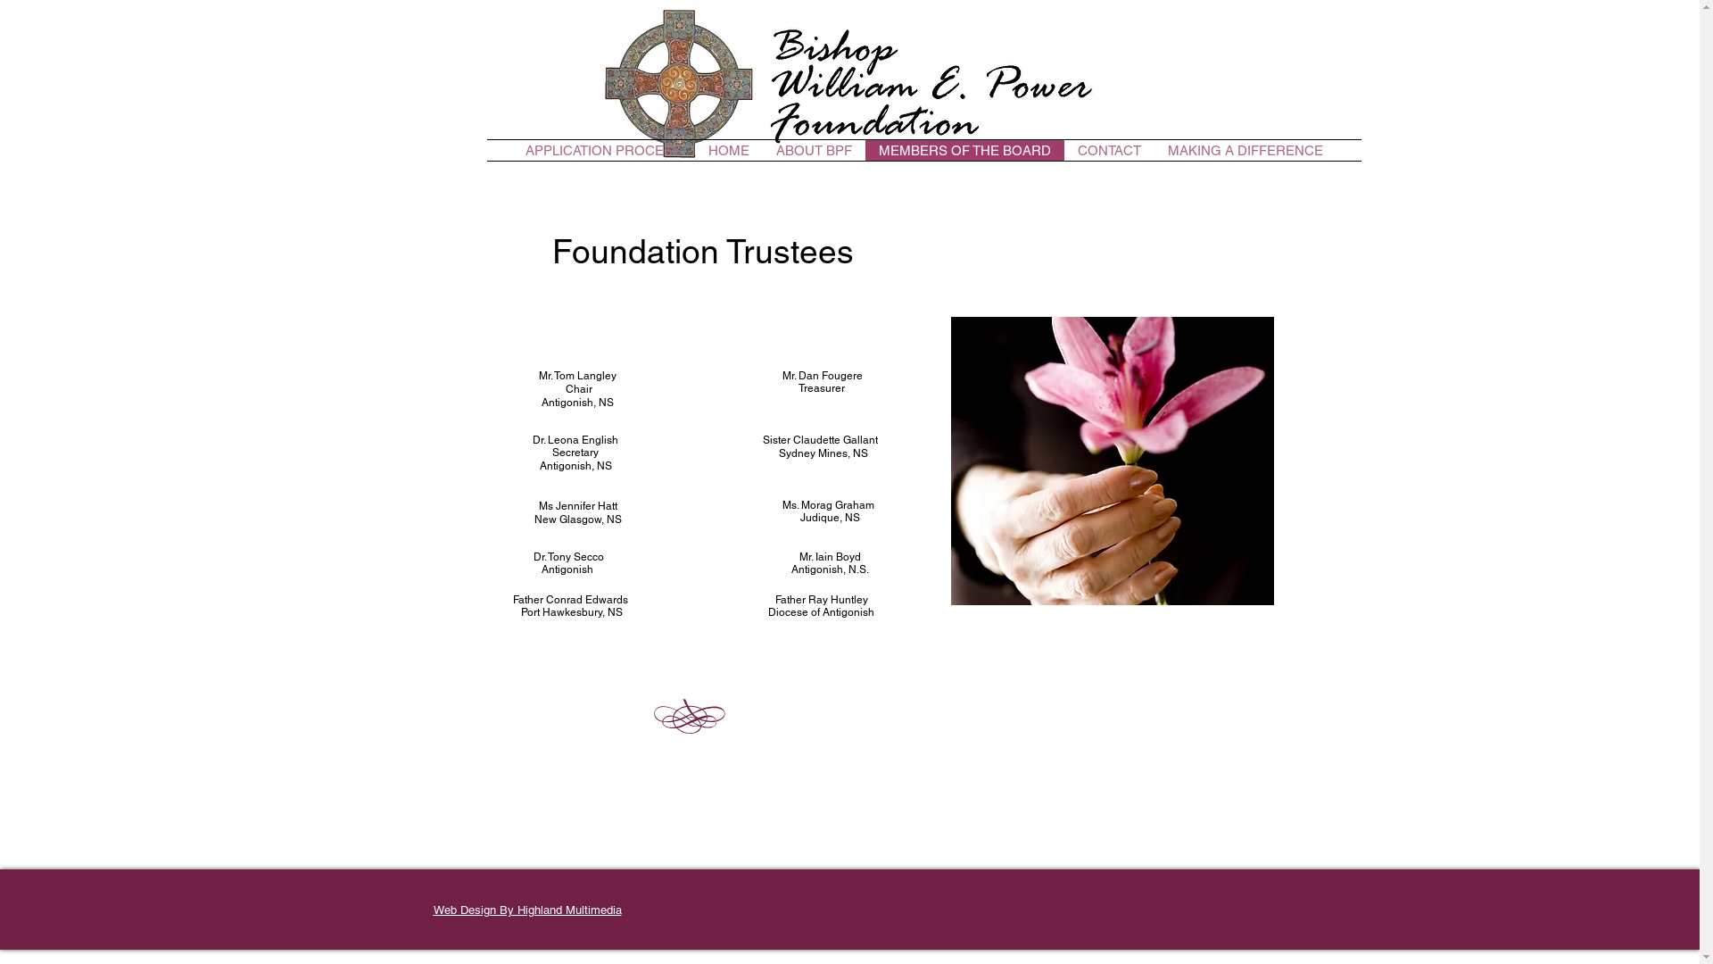 This screenshot has width=1713, height=964. I want to click on 'HOME', so click(728, 149).